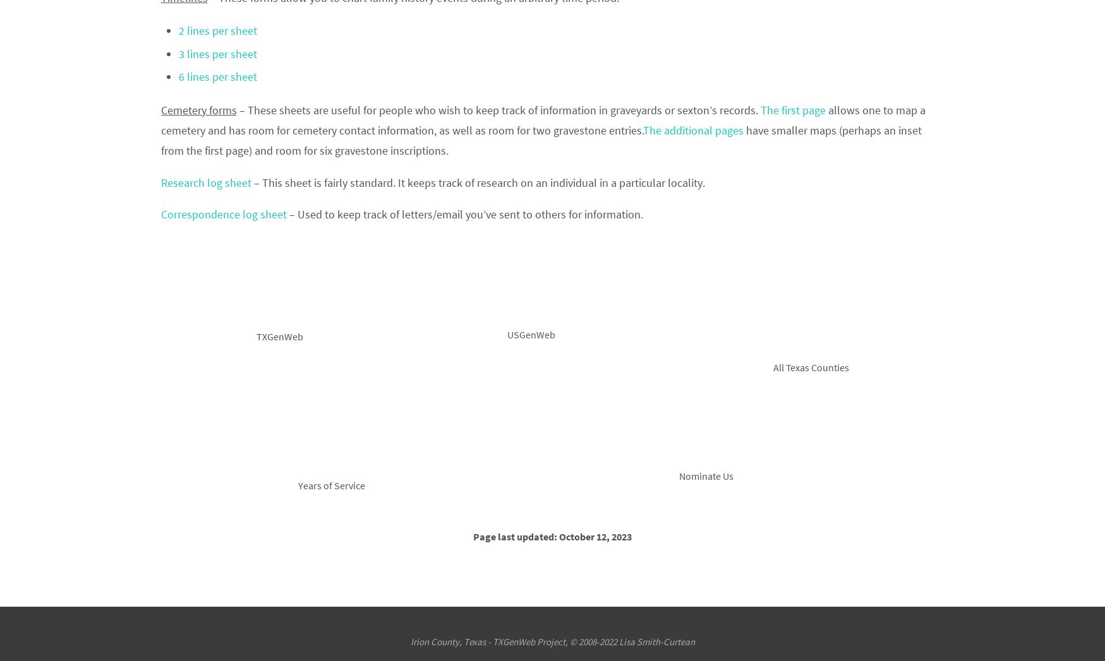 The width and height of the screenshot is (1105, 661). I want to click on 'Correspondence log sheet', so click(224, 214).